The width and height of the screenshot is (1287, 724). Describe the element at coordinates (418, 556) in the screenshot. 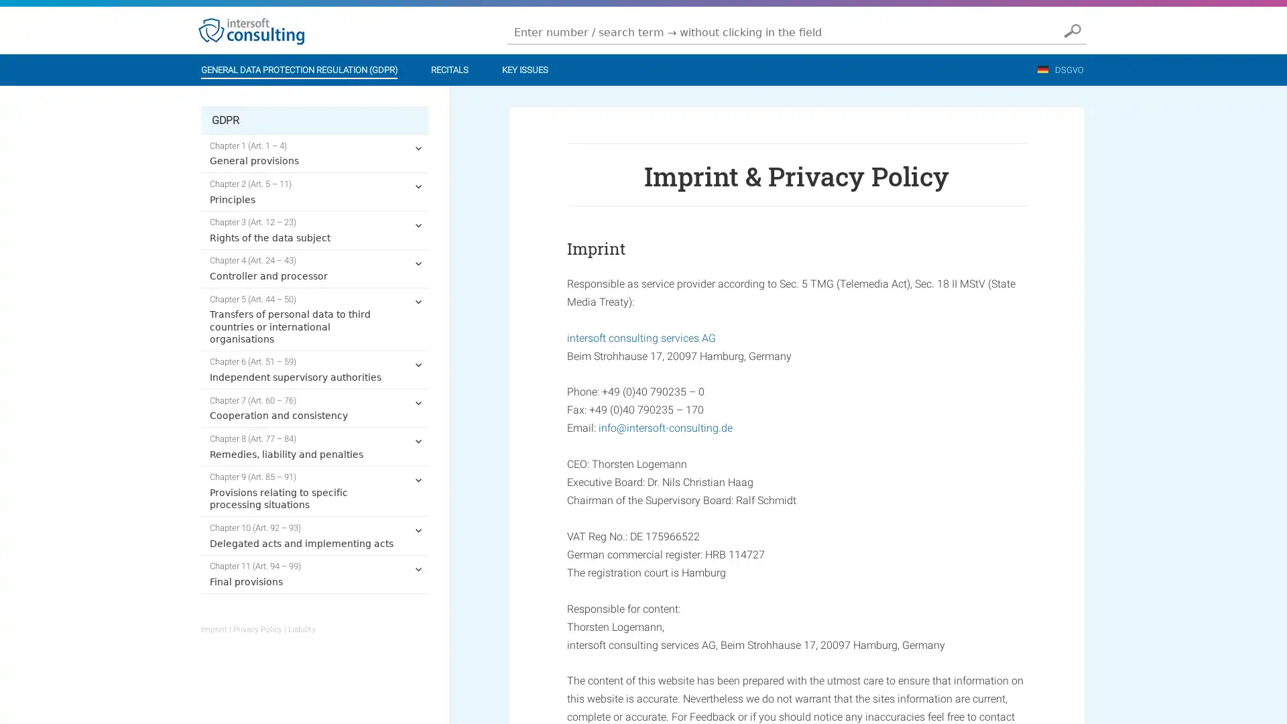

I see `expand child menu` at that location.